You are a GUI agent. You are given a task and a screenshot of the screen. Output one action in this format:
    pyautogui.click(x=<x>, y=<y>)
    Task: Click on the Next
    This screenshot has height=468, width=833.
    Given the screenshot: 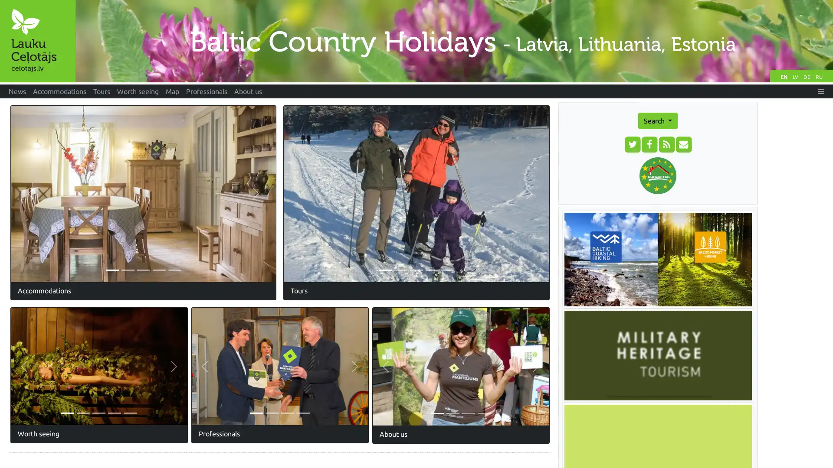 What is the action you would take?
    pyautogui.click(x=174, y=366)
    